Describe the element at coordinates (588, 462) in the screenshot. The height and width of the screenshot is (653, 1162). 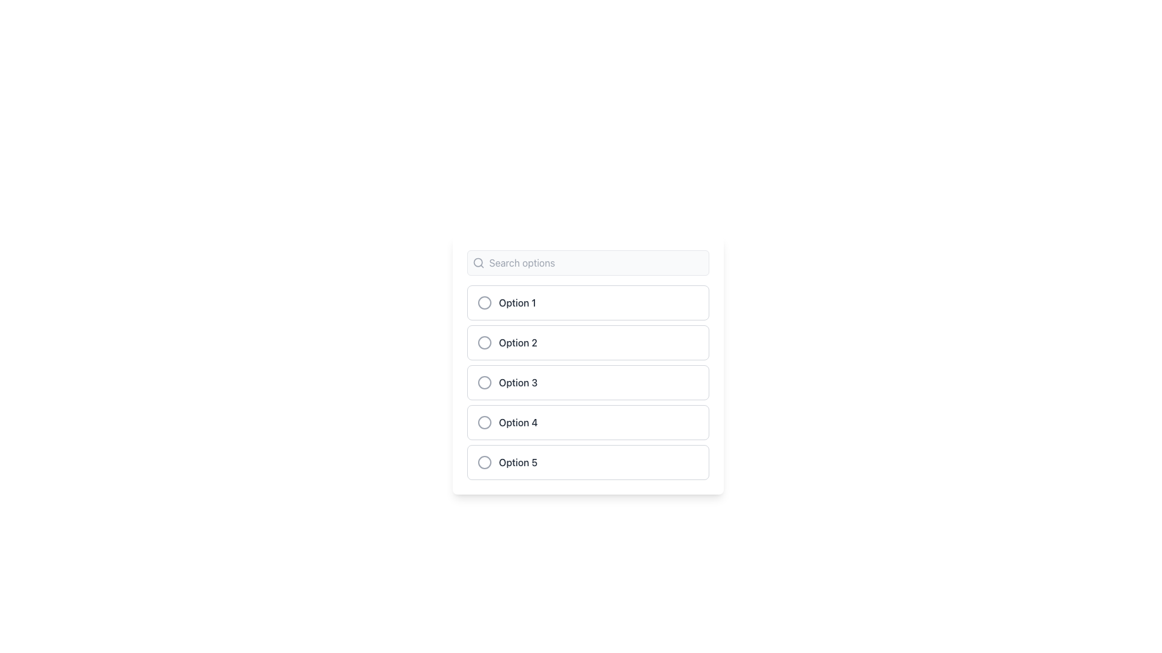
I see `the radio button option labeled 'Option 5'` at that location.